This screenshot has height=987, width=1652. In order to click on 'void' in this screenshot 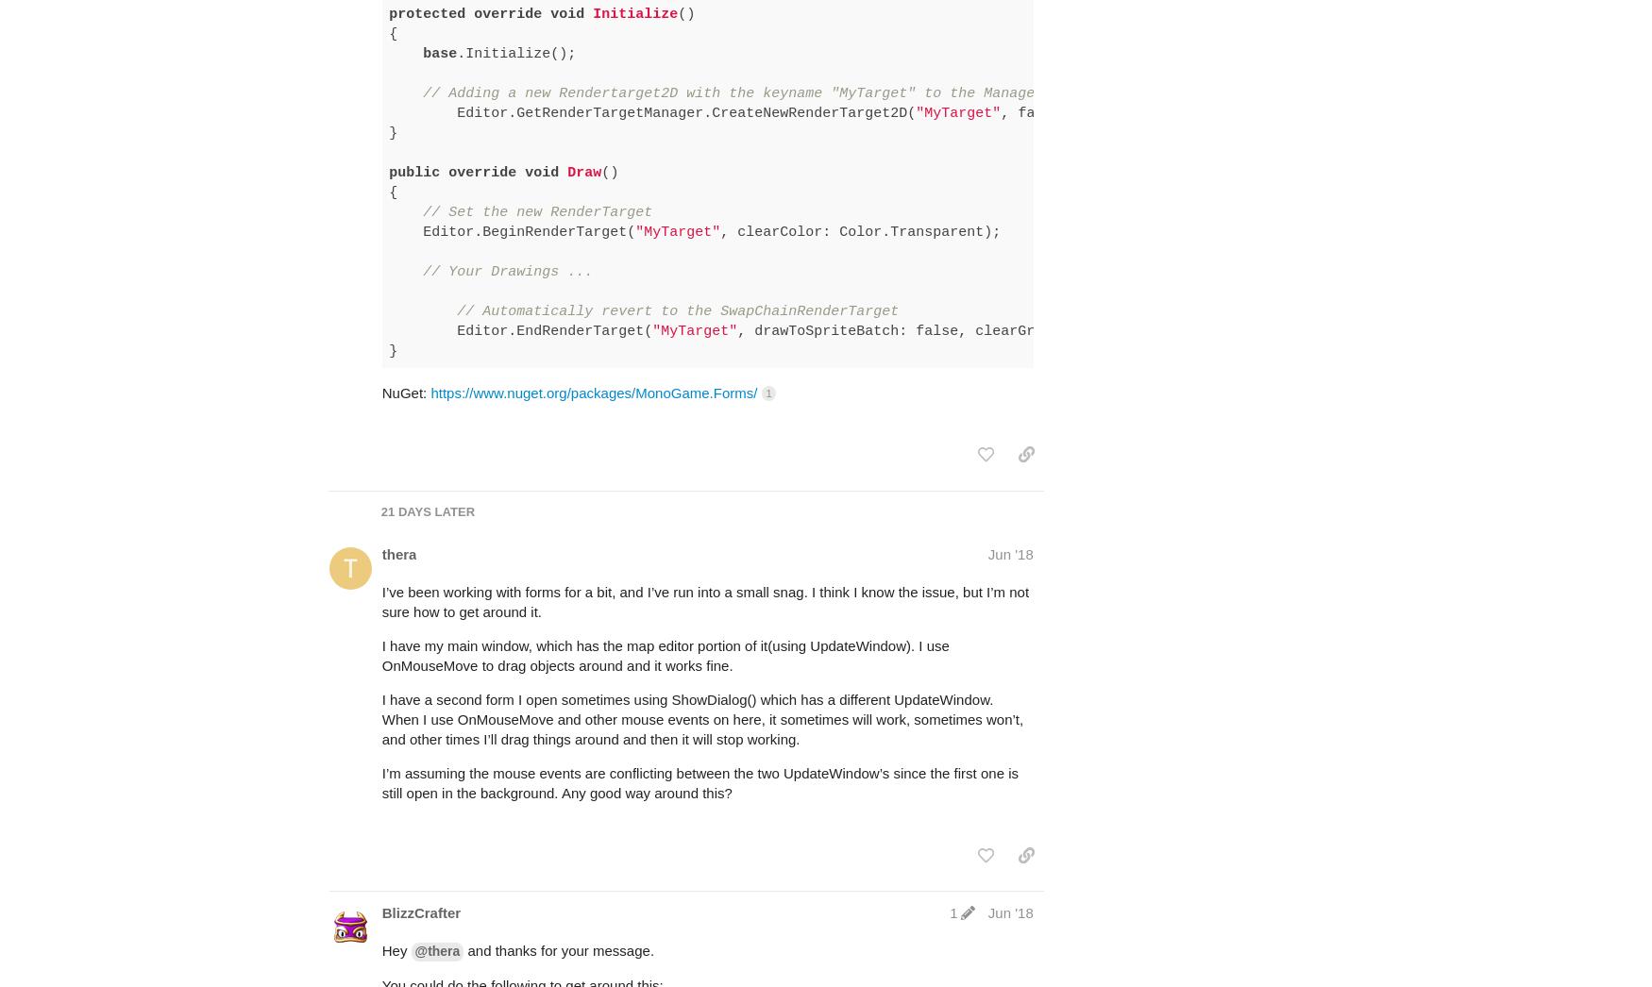, I will do `click(542, 98)`.